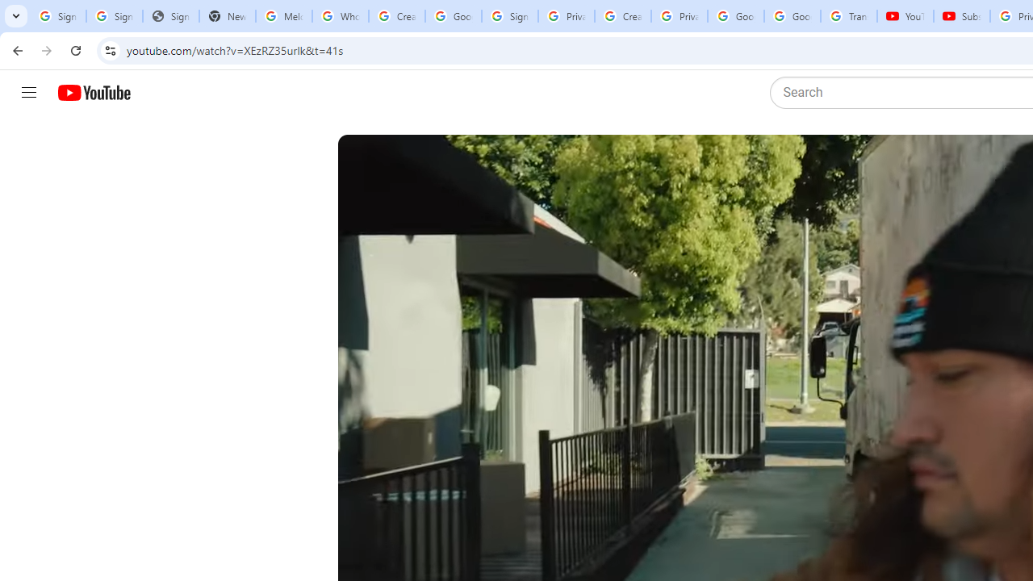 The image size is (1033, 581). Describe the element at coordinates (397, 16) in the screenshot. I see `'Create your Google Account'` at that location.